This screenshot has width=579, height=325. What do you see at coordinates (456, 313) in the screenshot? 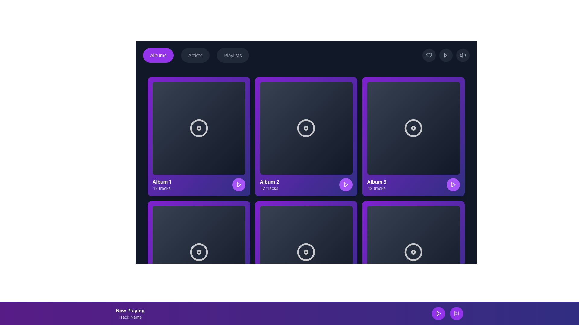
I see `keyboard navigation` at bounding box center [456, 313].